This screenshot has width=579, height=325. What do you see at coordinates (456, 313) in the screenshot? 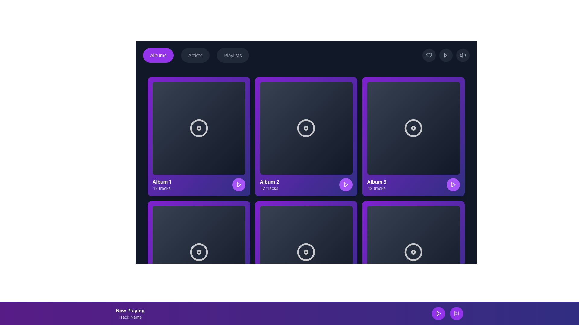
I see `keyboard navigation` at bounding box center [456, 313].